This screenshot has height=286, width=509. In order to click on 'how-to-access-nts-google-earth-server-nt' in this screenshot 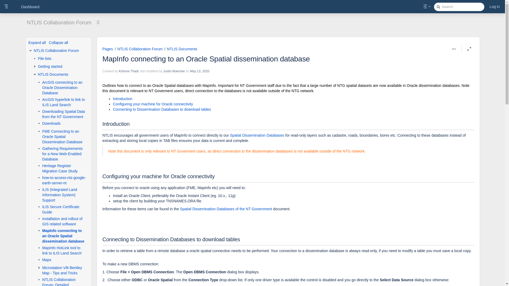, I will do `click(64, 180)`.